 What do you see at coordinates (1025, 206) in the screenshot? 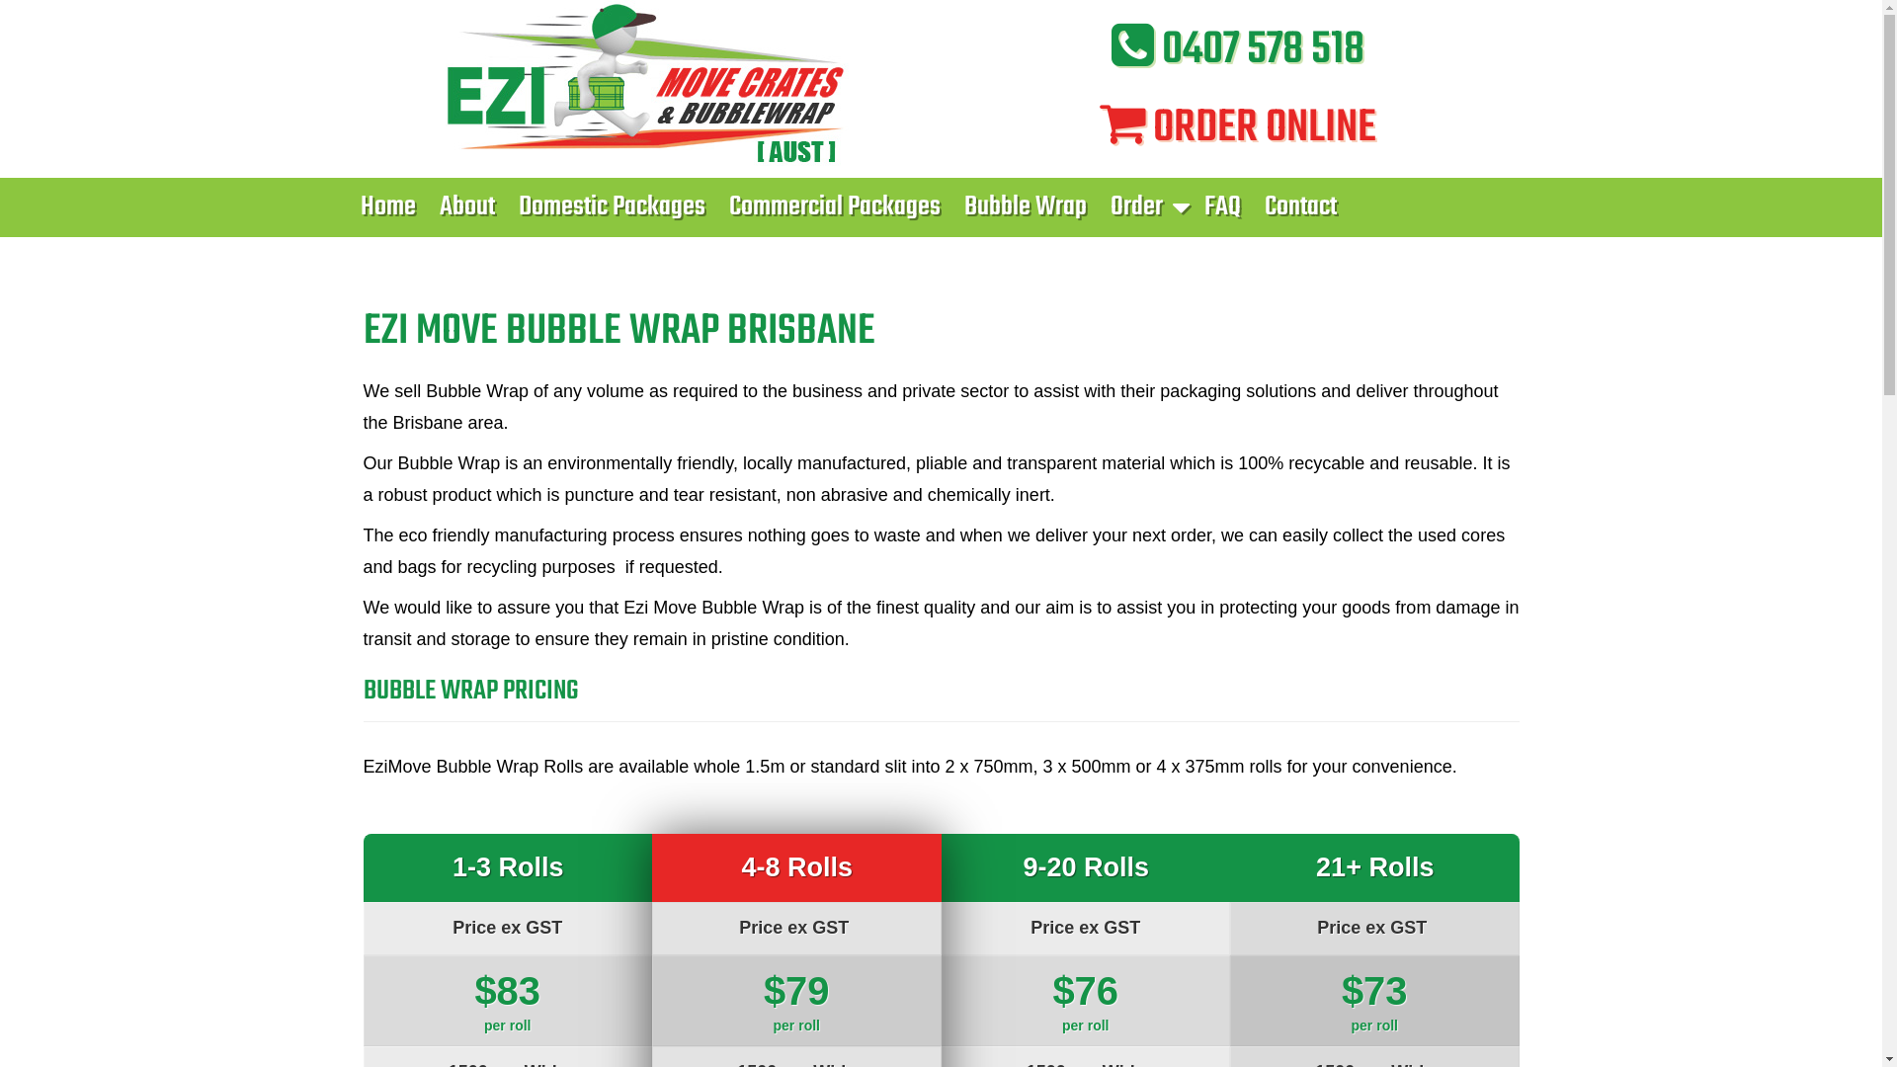
I see `'Bubble Wrap'` at bounding box center [1025, 206].